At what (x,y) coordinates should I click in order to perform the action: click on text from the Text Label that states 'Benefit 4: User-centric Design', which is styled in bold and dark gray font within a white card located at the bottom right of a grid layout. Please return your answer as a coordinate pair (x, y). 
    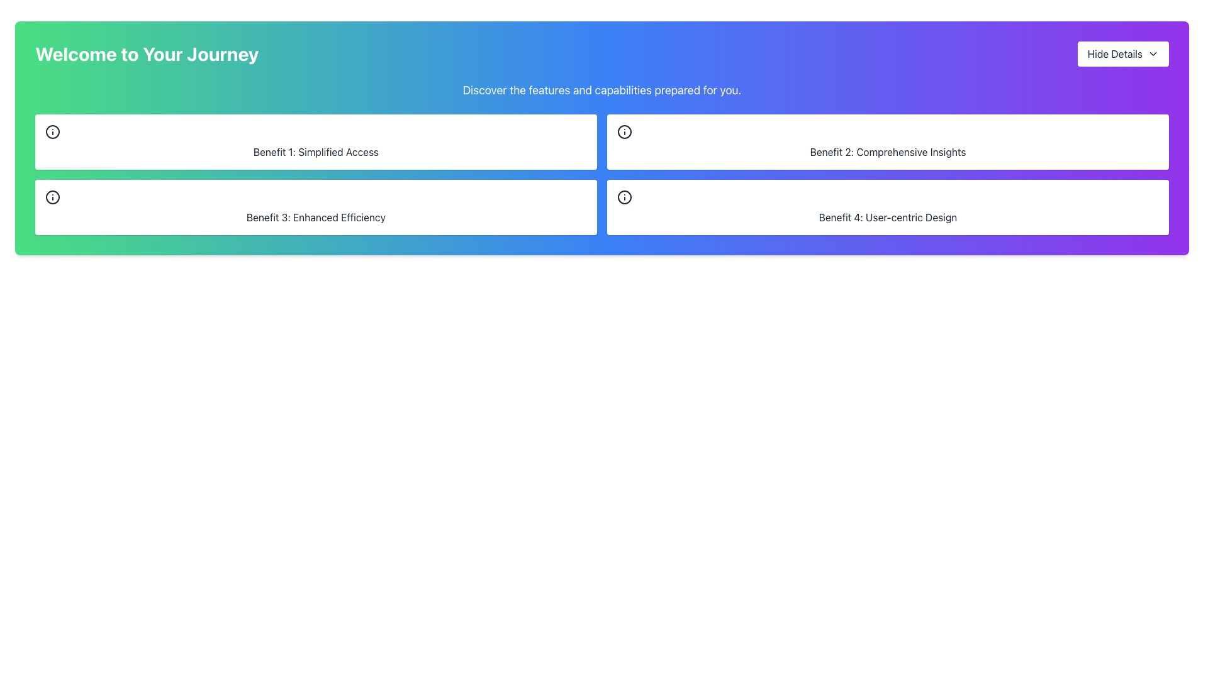
    Looking at the image, I should click on (887, 217).